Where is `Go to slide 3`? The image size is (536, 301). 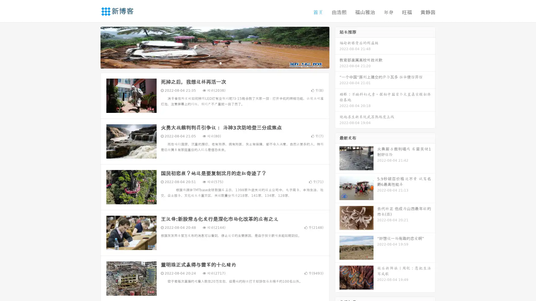 Go to slide 3 is located at coordinates (220, 63).